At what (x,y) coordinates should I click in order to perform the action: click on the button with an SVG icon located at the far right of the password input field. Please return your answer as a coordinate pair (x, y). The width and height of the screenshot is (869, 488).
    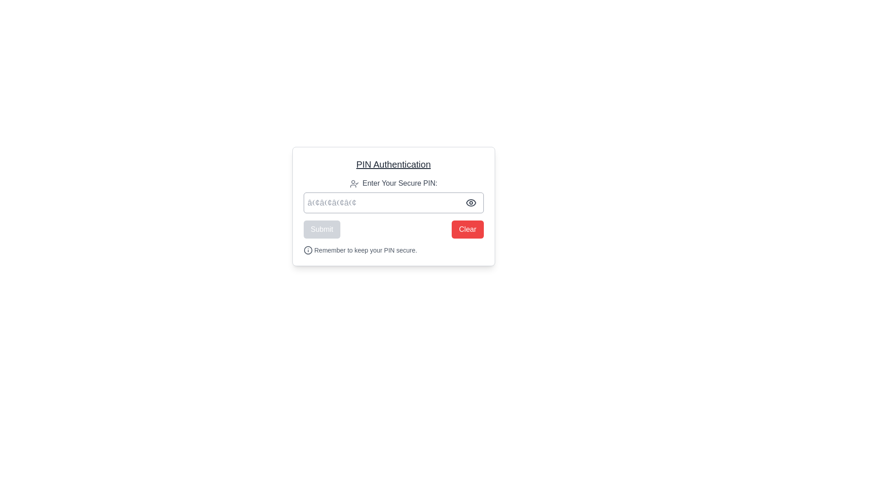
    Looking at the image, I should click on (471, 202).